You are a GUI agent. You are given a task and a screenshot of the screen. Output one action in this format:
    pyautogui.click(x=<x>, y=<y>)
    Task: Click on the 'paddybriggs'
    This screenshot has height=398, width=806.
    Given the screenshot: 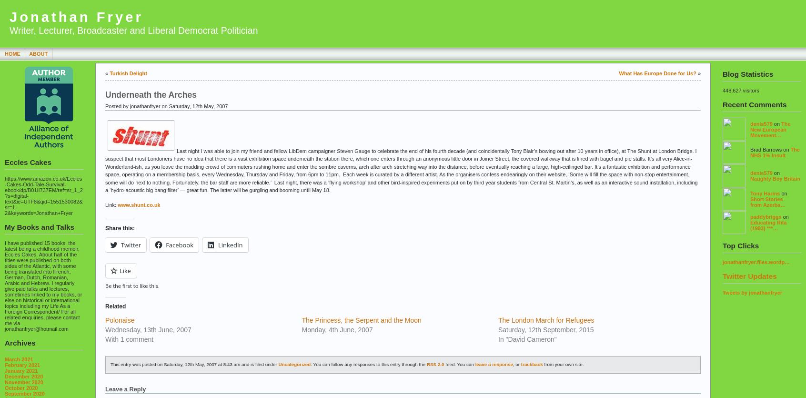 What is the action you would take?
    pyautogui.click(x=765, y=215)
    